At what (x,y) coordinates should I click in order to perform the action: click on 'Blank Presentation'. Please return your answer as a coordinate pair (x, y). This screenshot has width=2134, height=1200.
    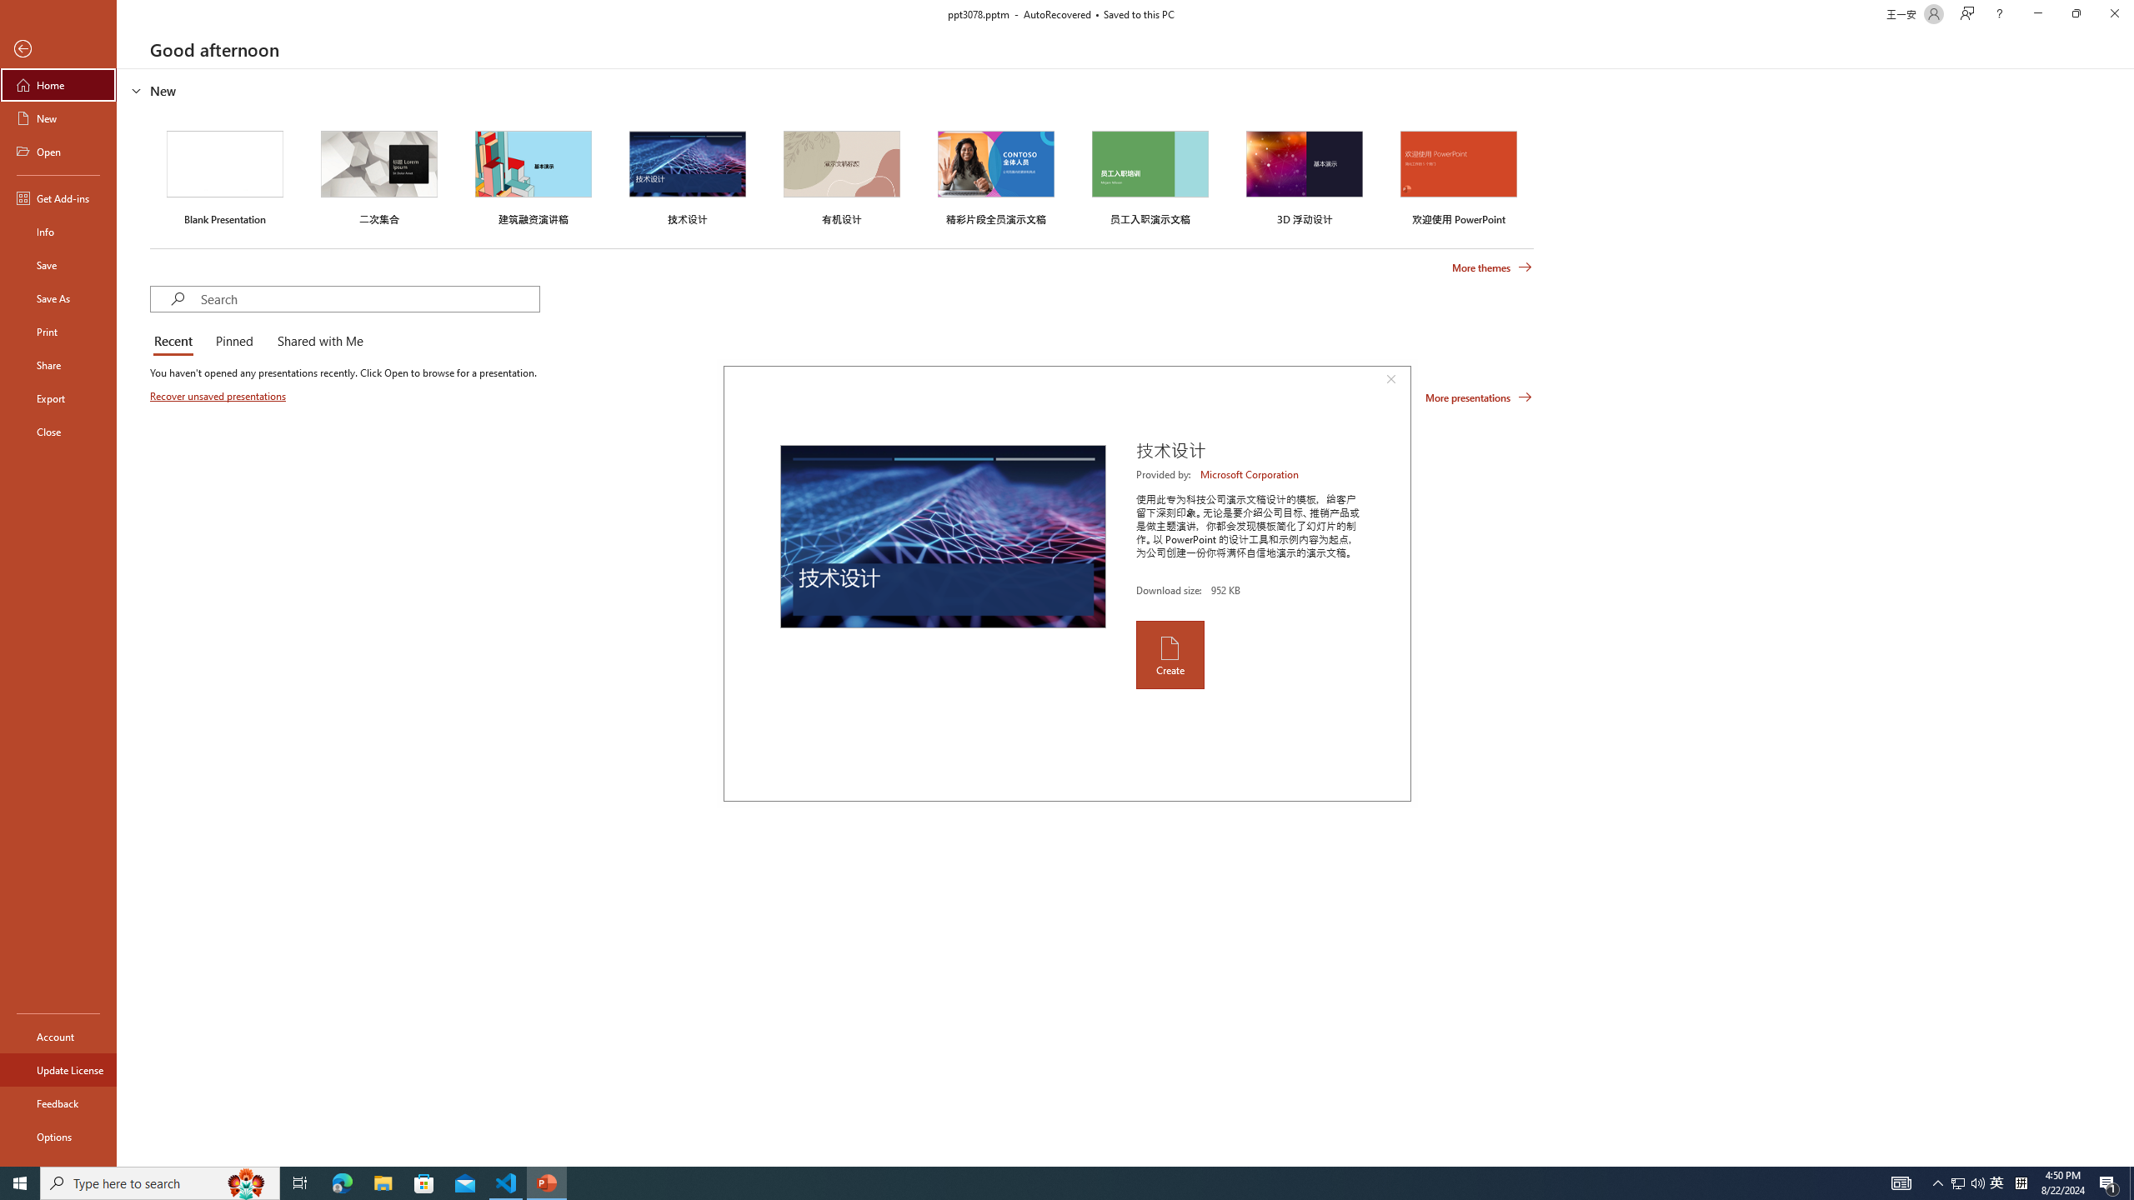
    Looking at the image, I should click on (224, 175).